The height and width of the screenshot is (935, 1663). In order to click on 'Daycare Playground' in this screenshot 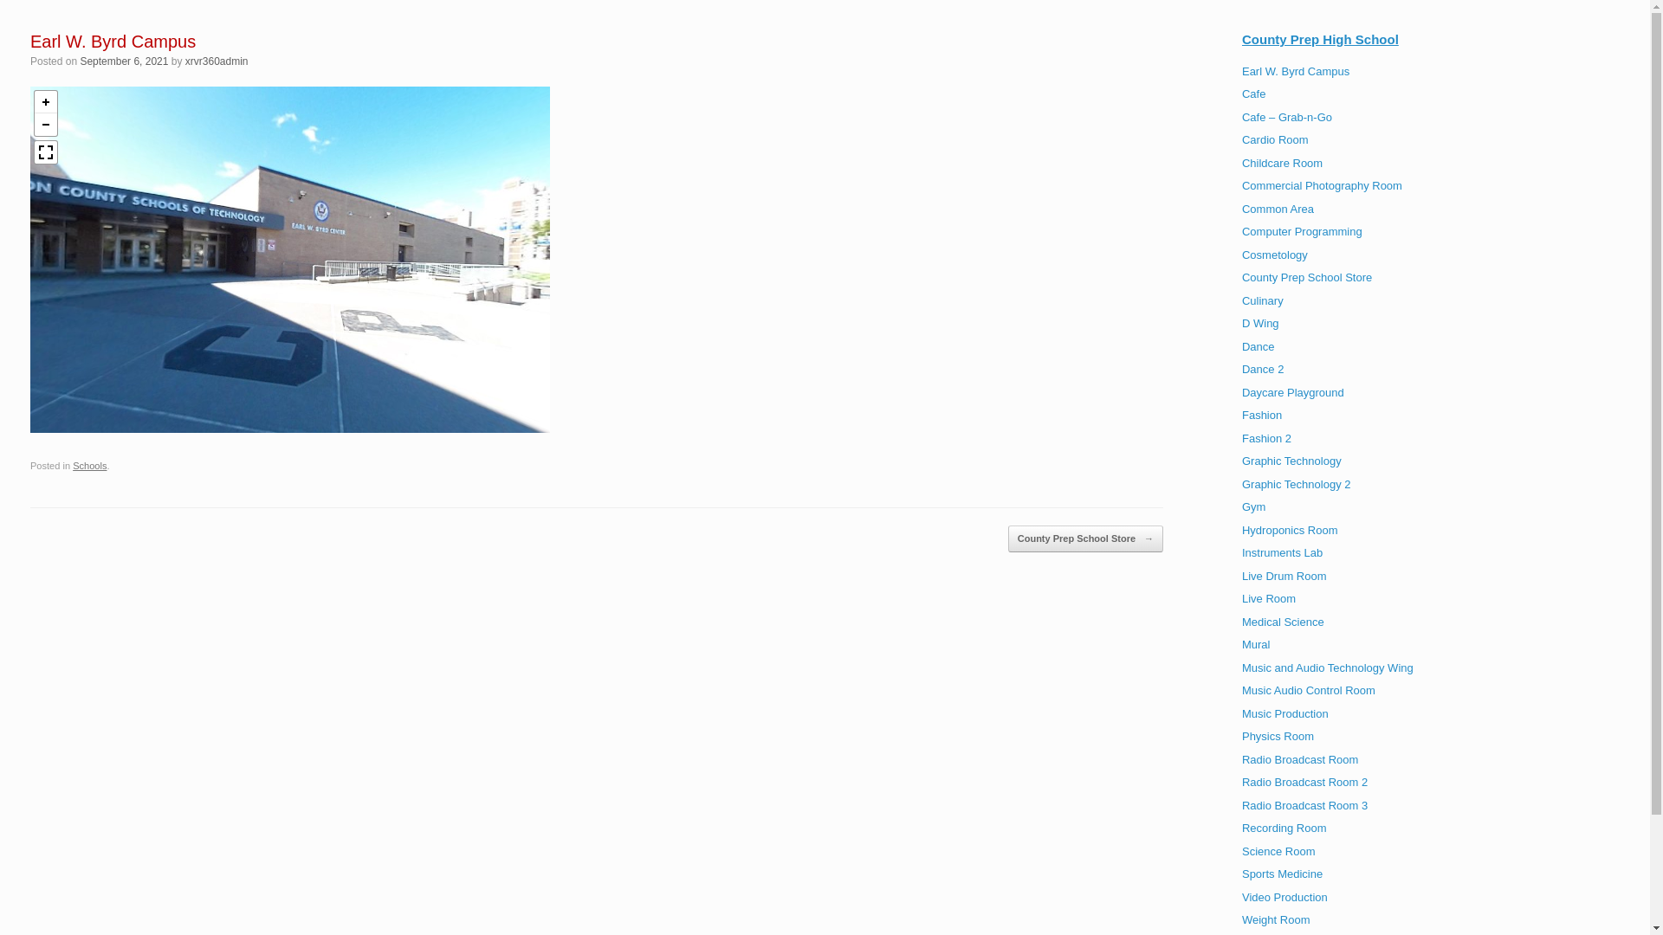, I will do `click(1292, 392)`.